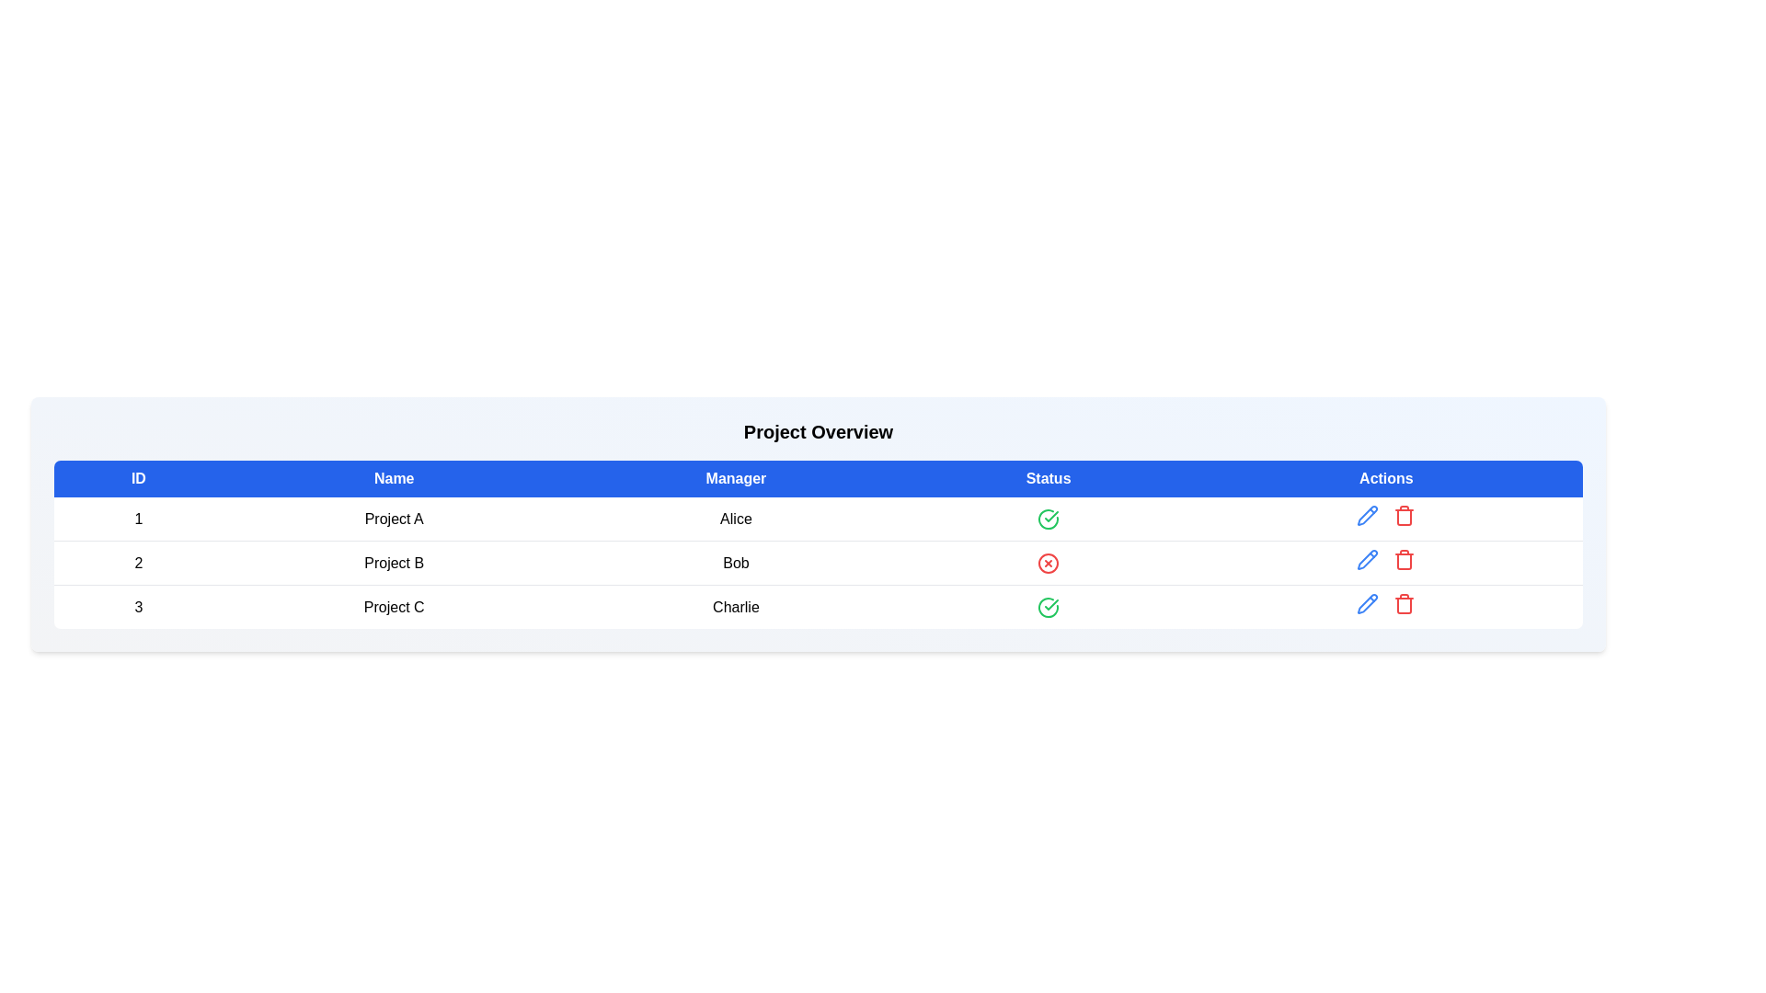 The image size is (1766, 993). What do you see at coordinates (736, 519) in the screenshot?
I see `the text label displaying 'Alice' in the 'Manager' column of the first row in the data table under the 'Project Overview' heading` at bounding box center [736, 519].